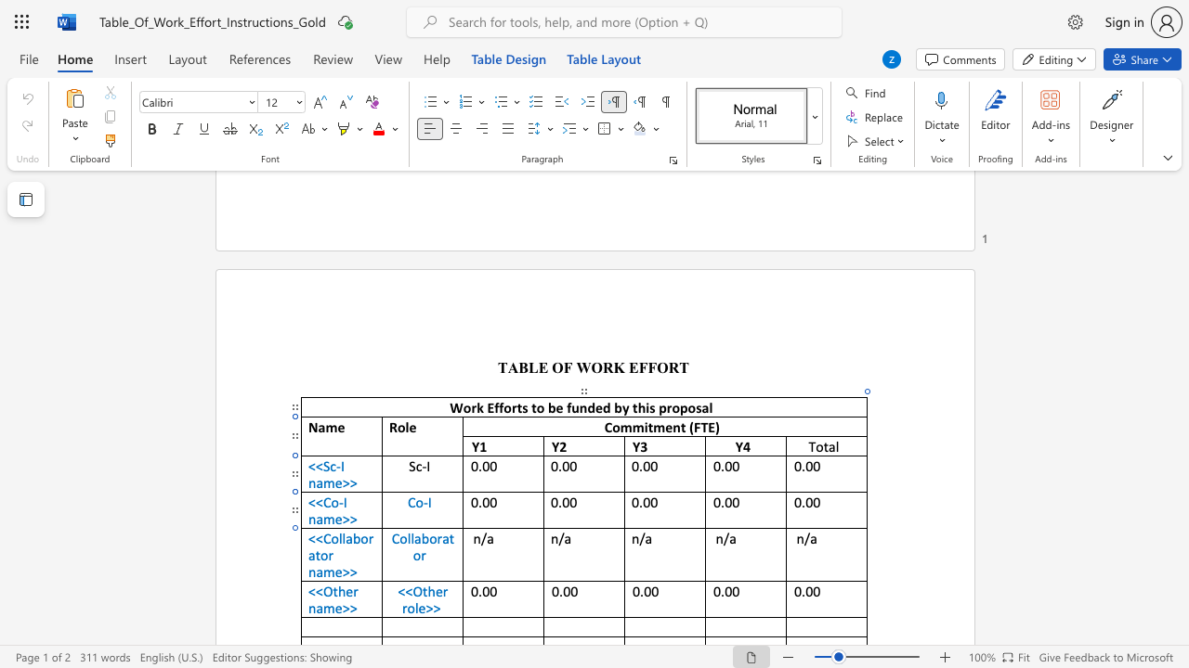 The height and width of the screenshot is (668, 1189). What do you see at coordinates (334, 538) in the screenshot?
I see `the 1th character "o" in the text` at bounding box center [334, 538].